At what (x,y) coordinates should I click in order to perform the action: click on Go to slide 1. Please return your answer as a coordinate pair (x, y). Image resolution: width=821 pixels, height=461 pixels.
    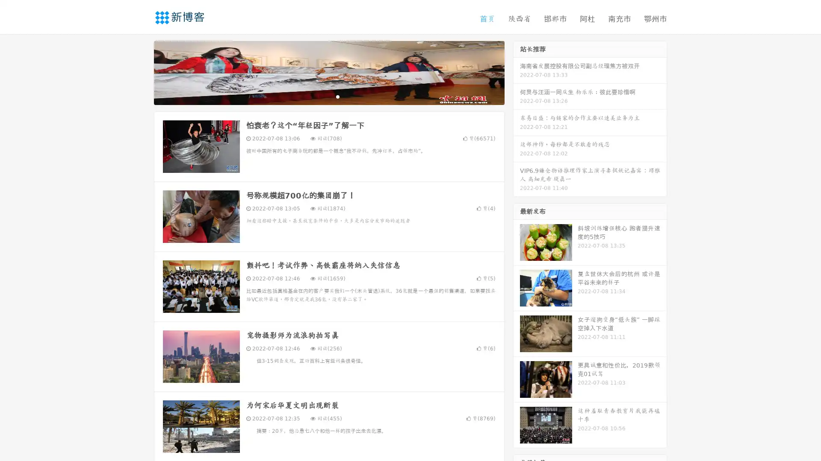
    Looking at the image, I should click on (320, 96).